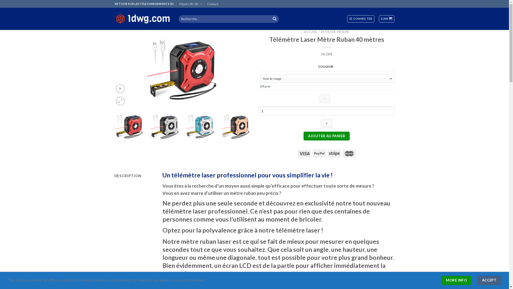 The image size is (513, 289). What do you see at coordinates (265, 86) in the screenshot?
I see `'Effacer'` at bounding box center [265, 86].